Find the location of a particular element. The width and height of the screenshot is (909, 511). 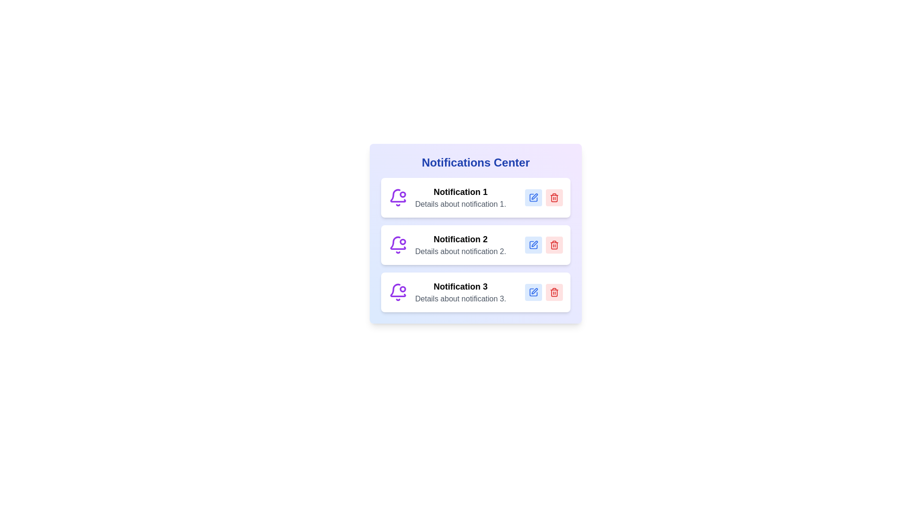

the text block titled 'Notification 2' which contains details about notification 2, positioned in the middle section of the notification center is located at coordinates (461, 244).